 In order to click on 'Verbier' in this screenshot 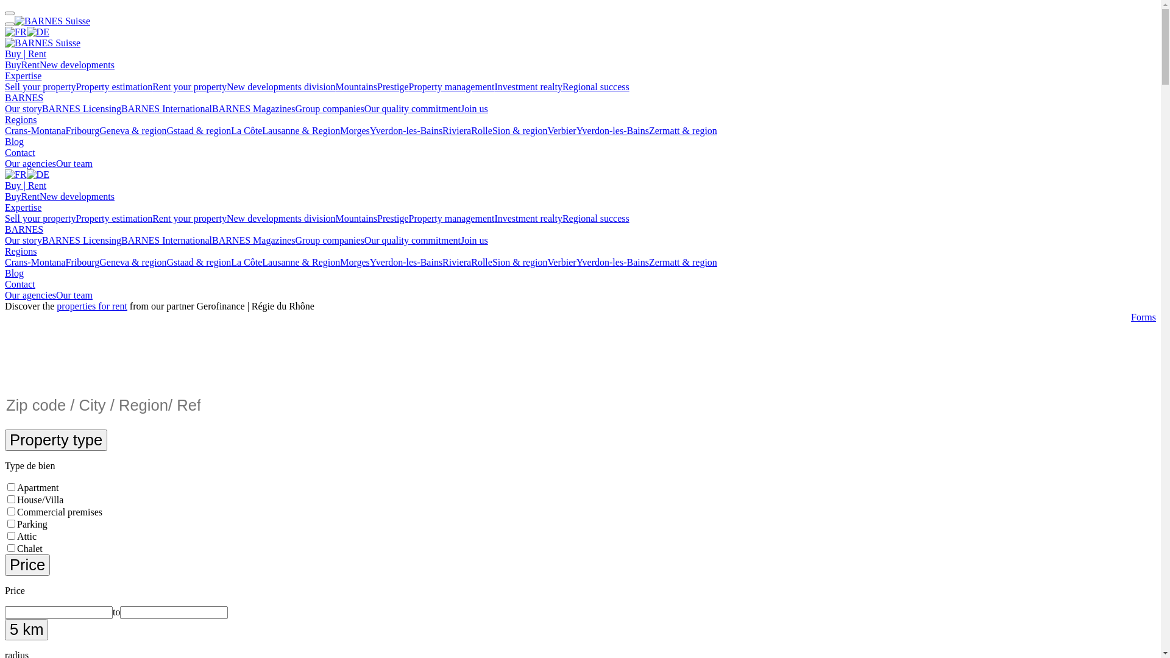, I will do `click(547, 130)`.